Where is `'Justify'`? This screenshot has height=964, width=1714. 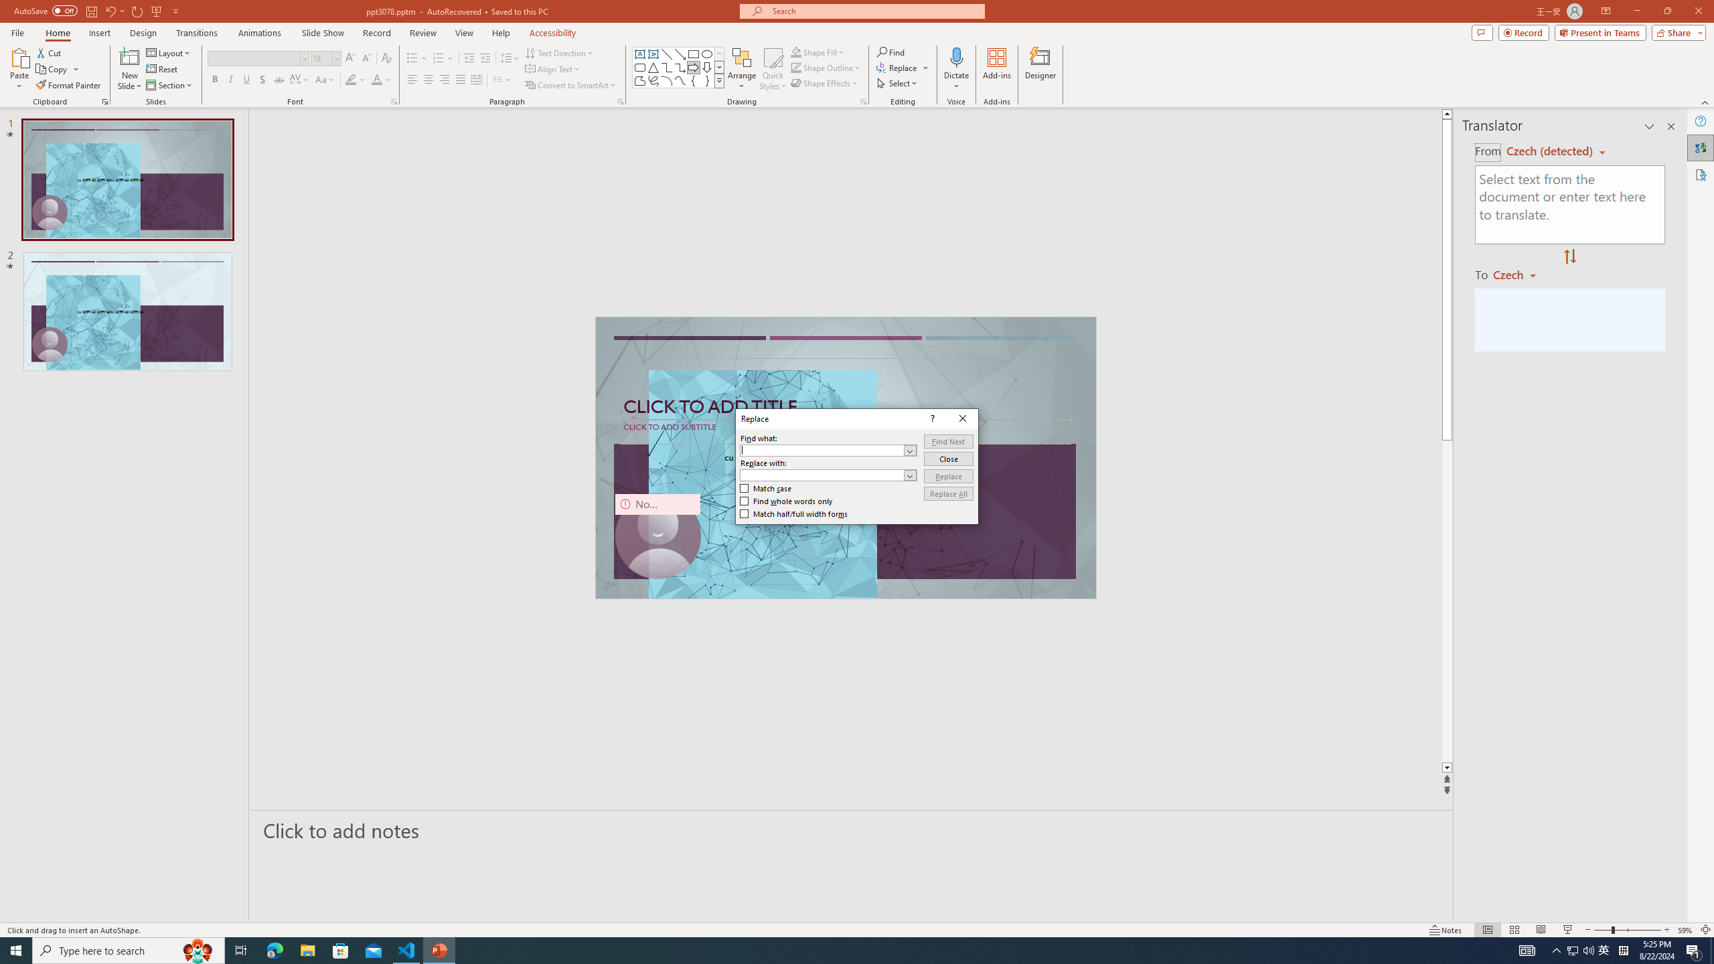
'Justify' is located at coordinates (459, 79).